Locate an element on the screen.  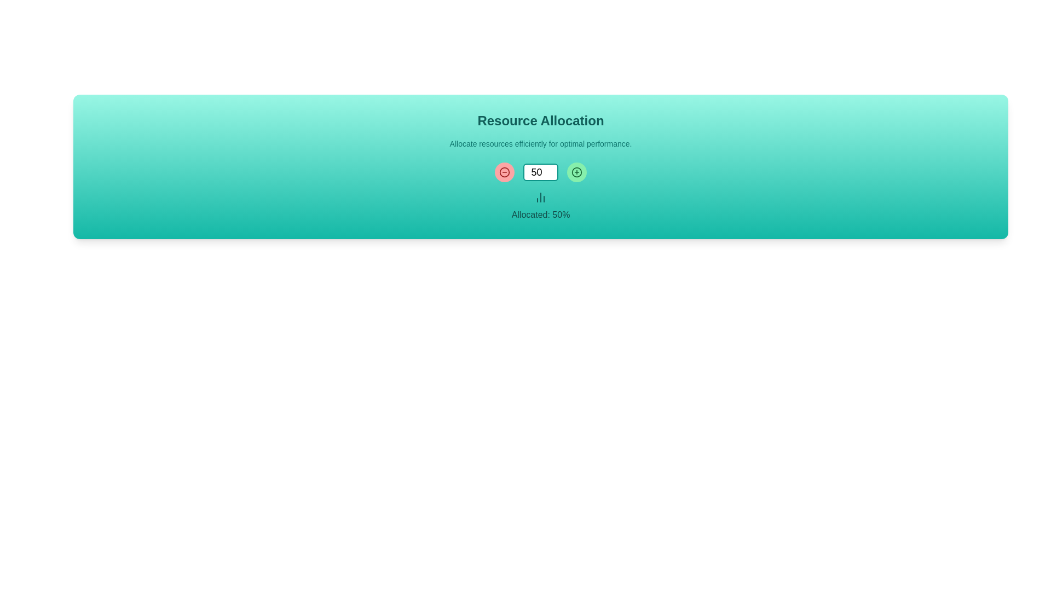
the stylized bar chart icon that visually represents data distribution, located below the numeric input field and above the text 'Allocated: 50%' is located at coordinates (541, 198).